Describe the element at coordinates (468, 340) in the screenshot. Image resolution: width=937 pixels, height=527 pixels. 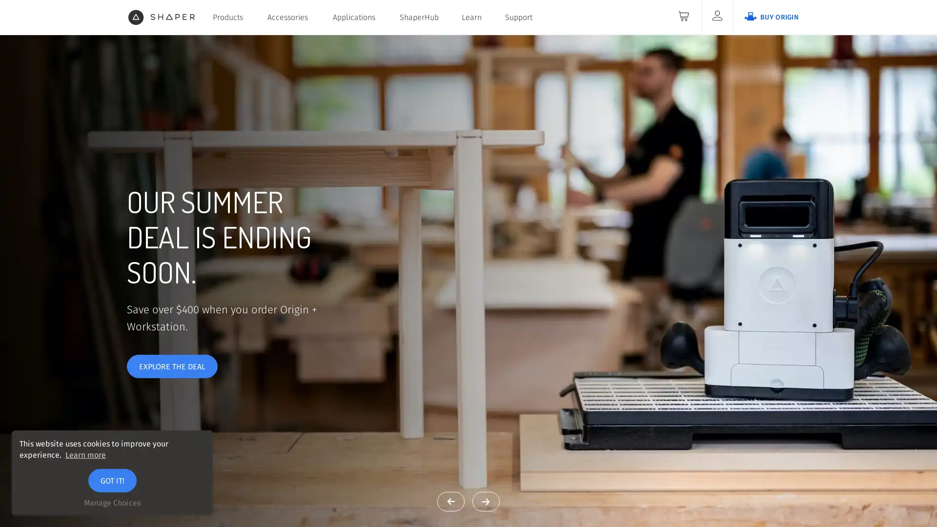
I see `MEET ORIGIN` at that location.